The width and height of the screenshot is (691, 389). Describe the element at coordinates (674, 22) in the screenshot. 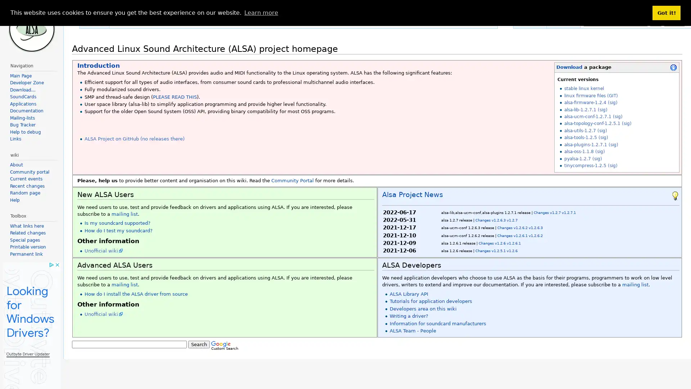

I see `Search` at that location.